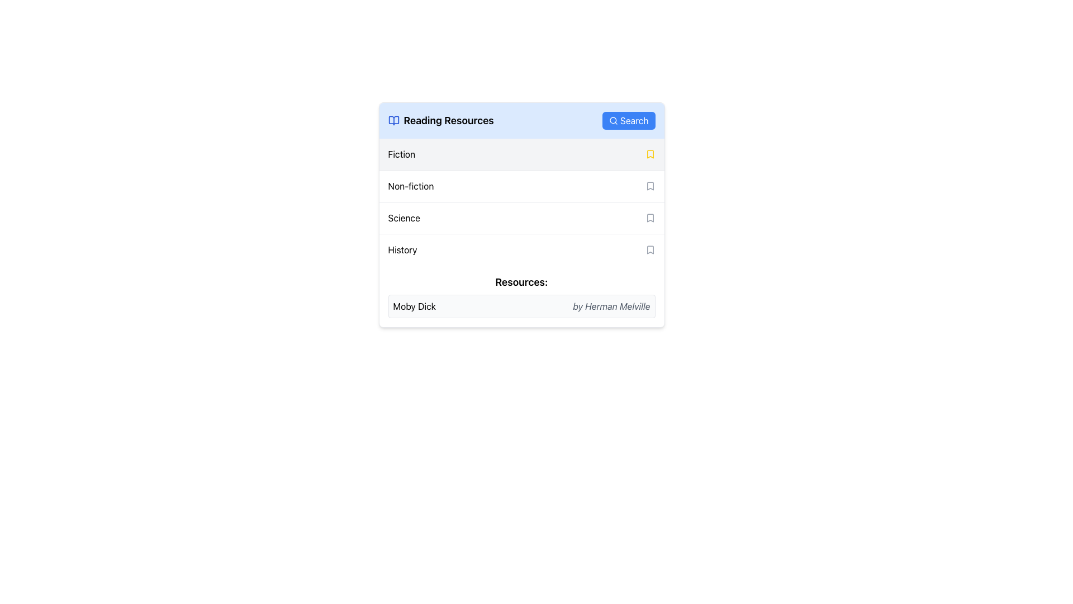 This screenshot has width=1073, height=604. Describe the element at coordinates (650, 218) in the screenshot. I see `the bookmark icon located on the far right of the 'Science' row in the Reading Resources list` at that location.